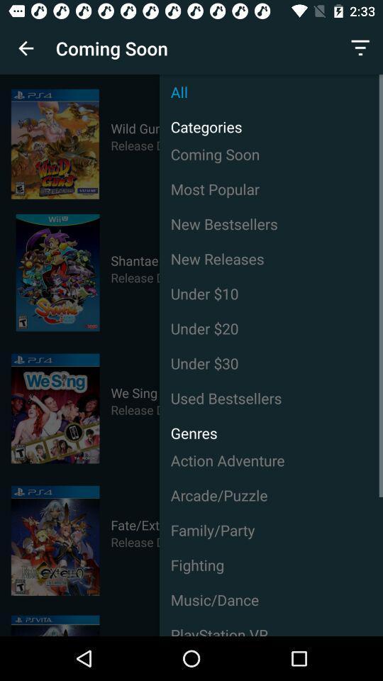 The width and height of the screenshot is (383, 681). What do you see at coordinates (271, 328) in the screenshot?
I see `the under $20 item` at bounding box center [271, 328].